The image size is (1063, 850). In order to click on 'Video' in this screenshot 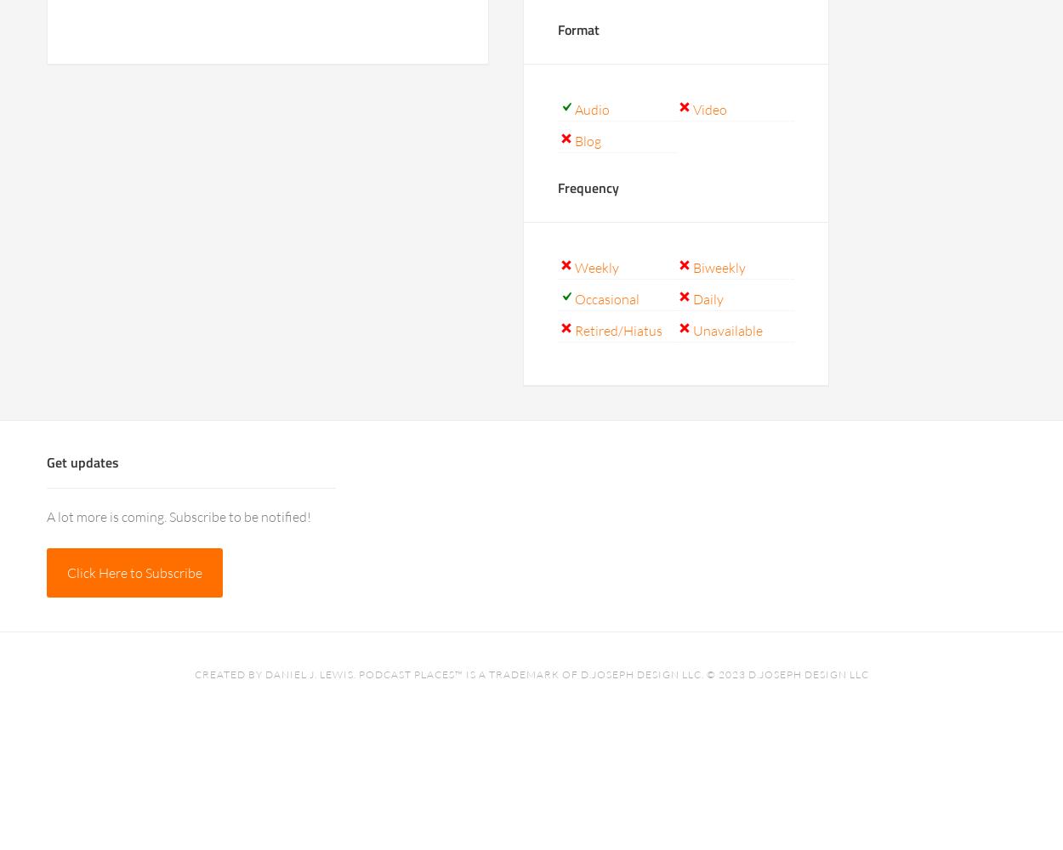, I will do `click(709, 110)`.